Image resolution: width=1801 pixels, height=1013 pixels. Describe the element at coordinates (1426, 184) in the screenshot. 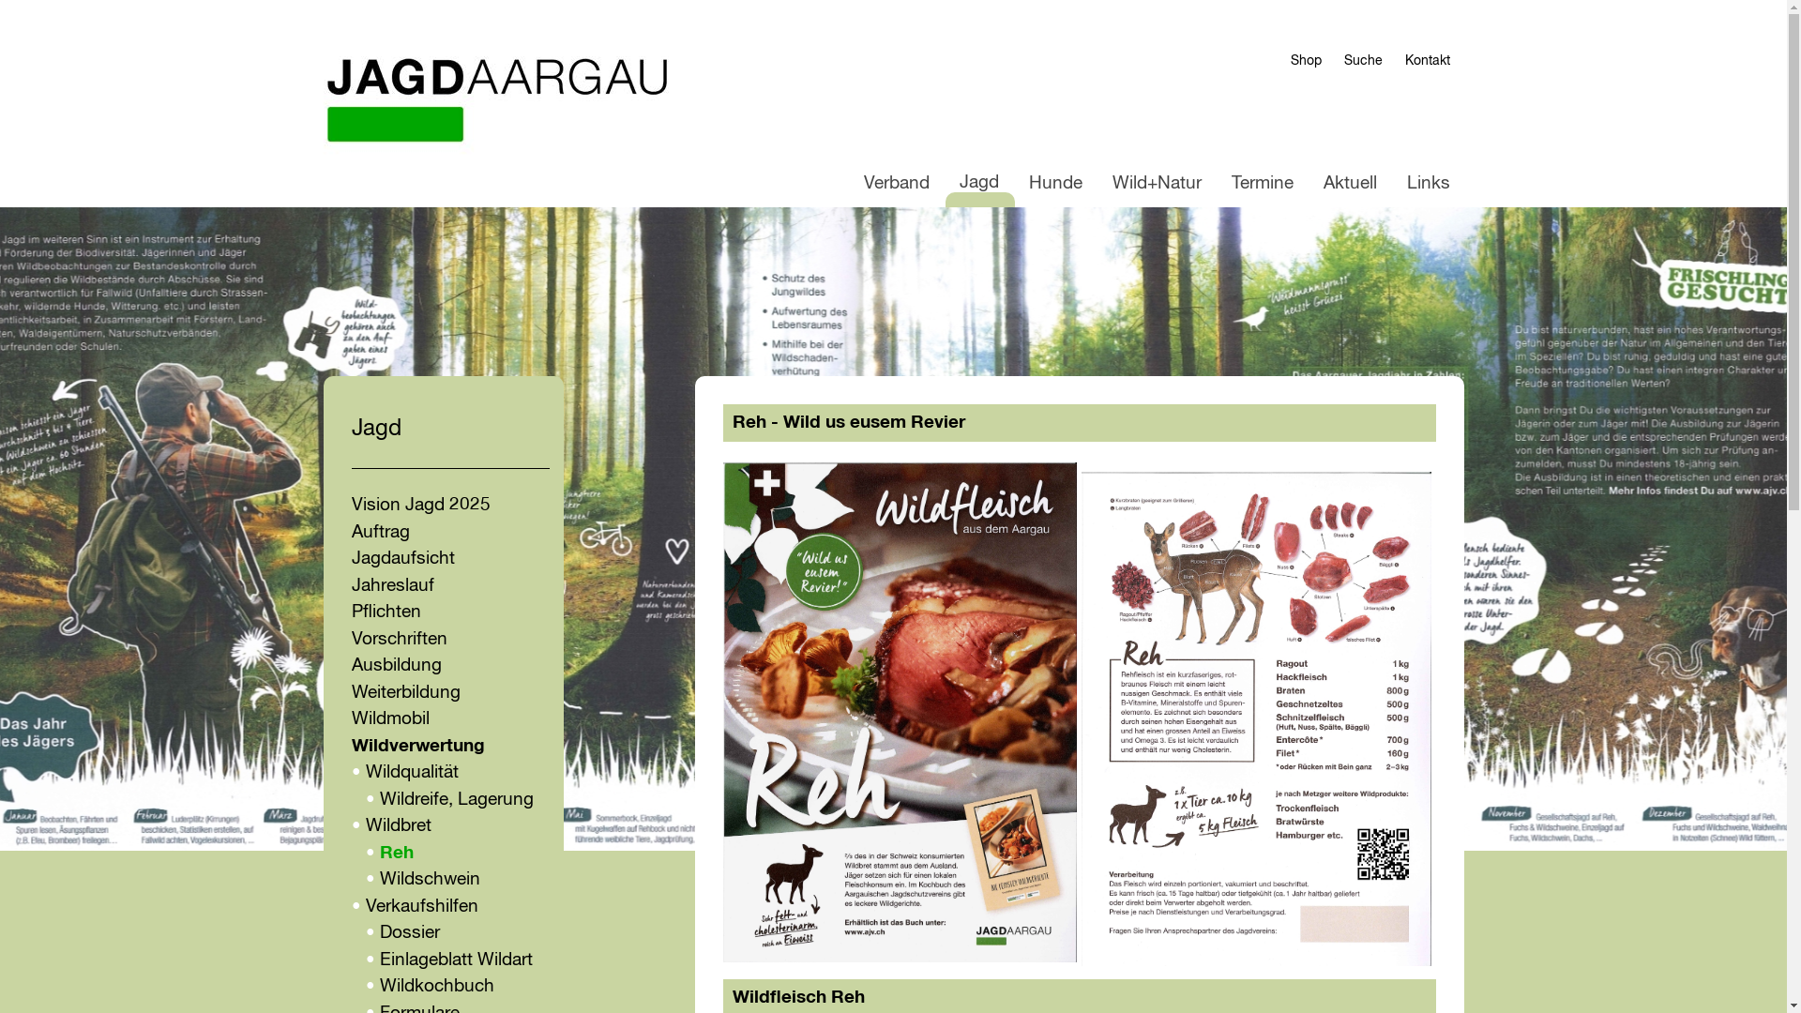

I see `'Links'` at that location.